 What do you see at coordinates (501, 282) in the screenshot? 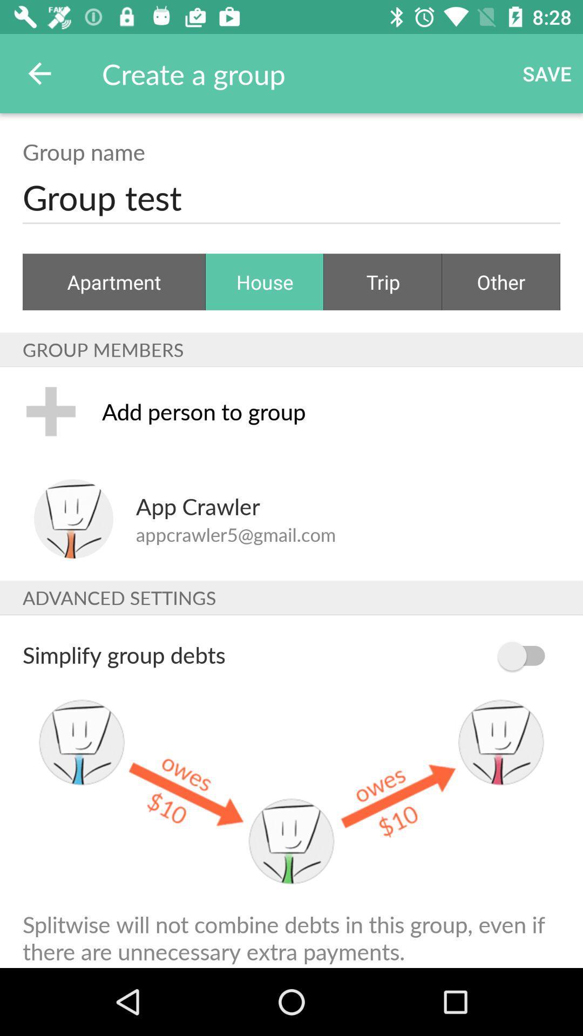
I see `item to the right of the trip` at bounding box center [501, 282].